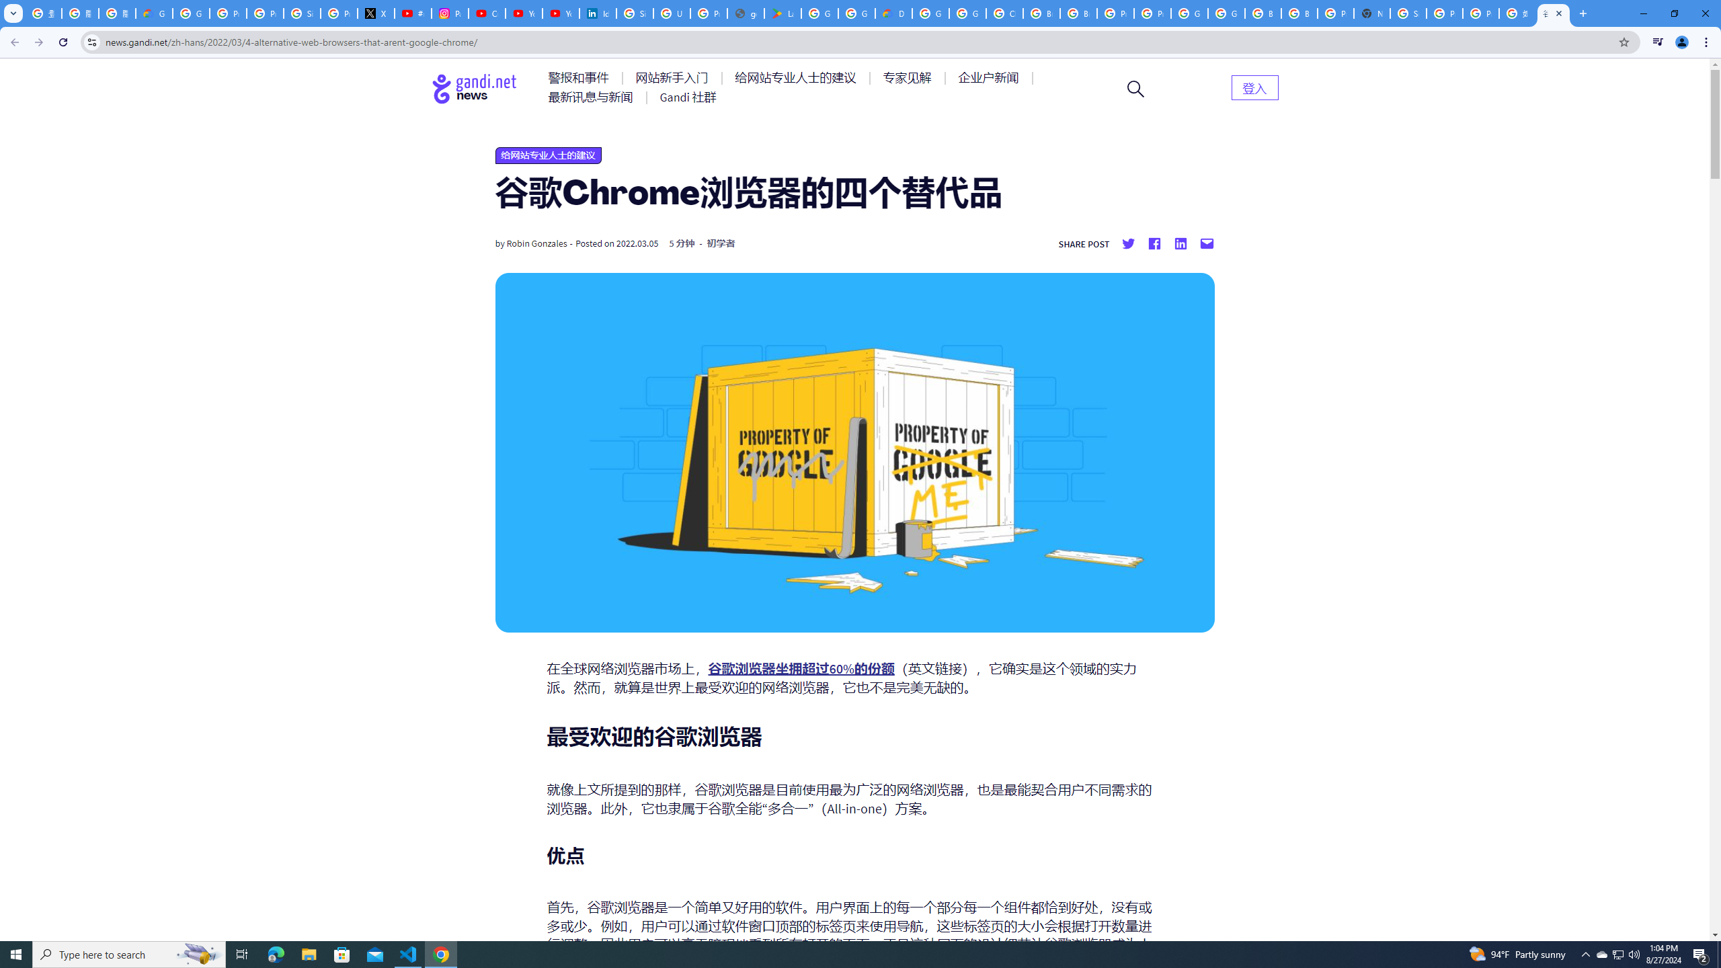 The image size is (1721, 968). What do you see at coordinates (1180, 243) in the screenshot?
I see `'Share on Linkedin'` at bounding box center [1180, 243].